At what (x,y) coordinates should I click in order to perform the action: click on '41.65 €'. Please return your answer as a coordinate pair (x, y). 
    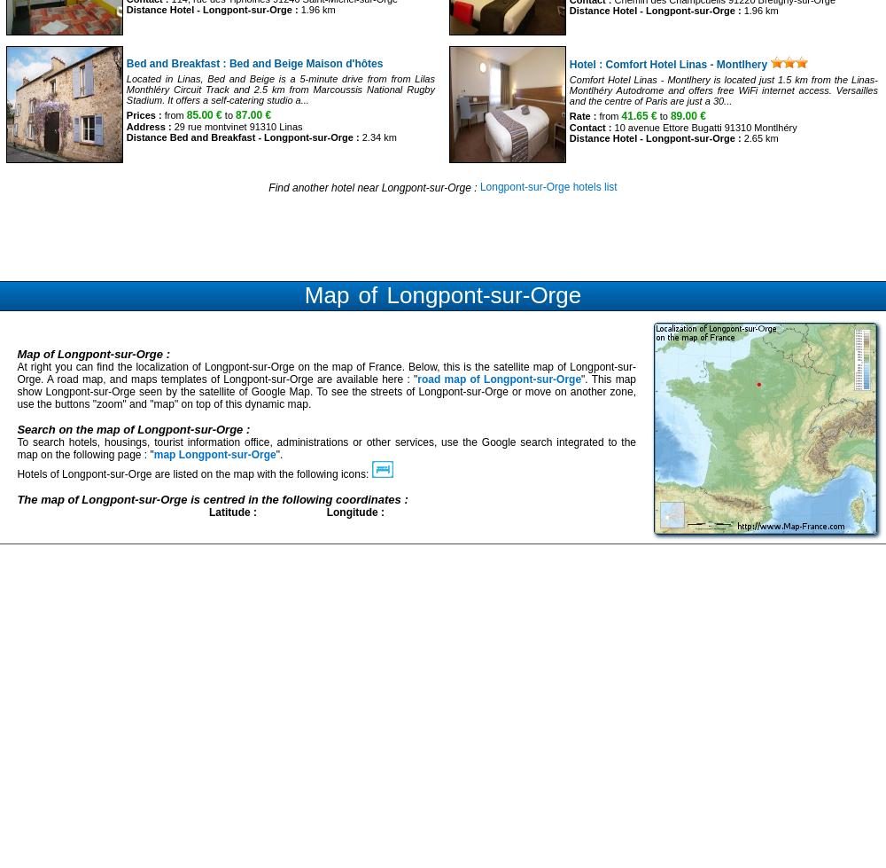
    Looking at the image, I should click on (638, 115).